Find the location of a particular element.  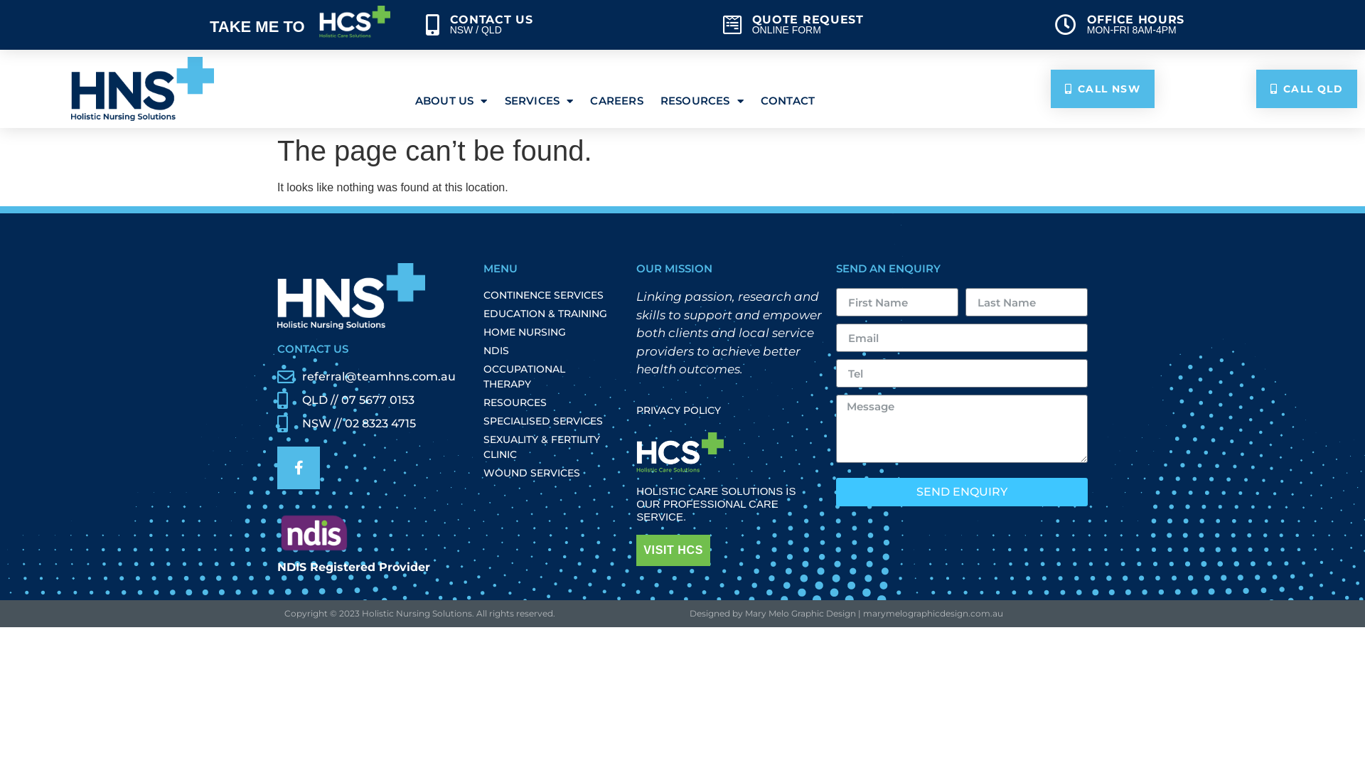

'referral@teamhns.com.au' is located at coordinates (369, 375).